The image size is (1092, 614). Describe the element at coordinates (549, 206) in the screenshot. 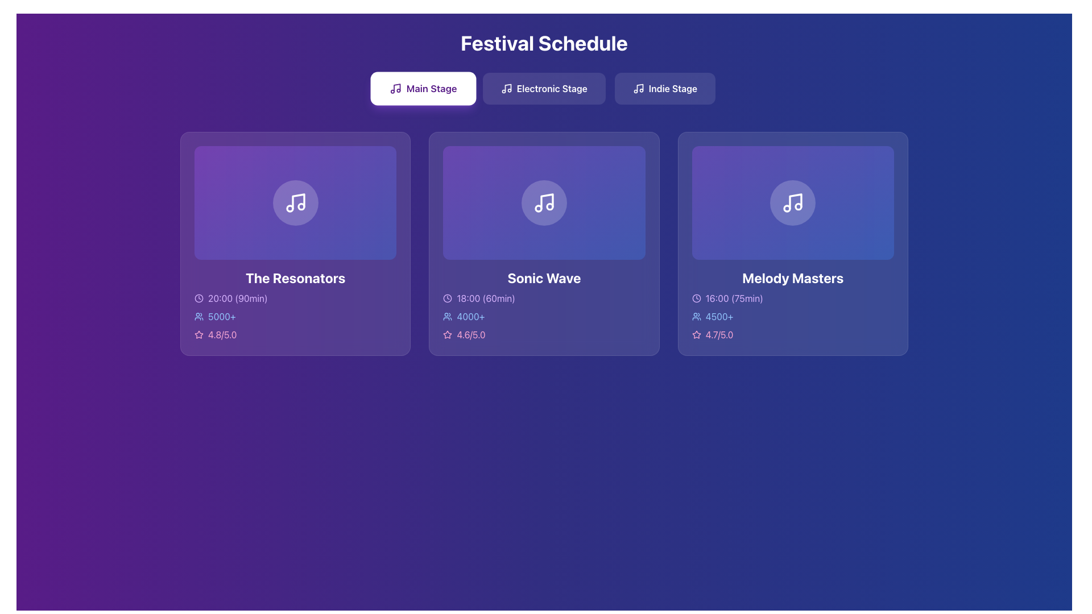

I see `the small circle with a white outline that is the second in the sequence of two circular elements in the SVG music note icon within the 'Sonic Wave' card` at that location.